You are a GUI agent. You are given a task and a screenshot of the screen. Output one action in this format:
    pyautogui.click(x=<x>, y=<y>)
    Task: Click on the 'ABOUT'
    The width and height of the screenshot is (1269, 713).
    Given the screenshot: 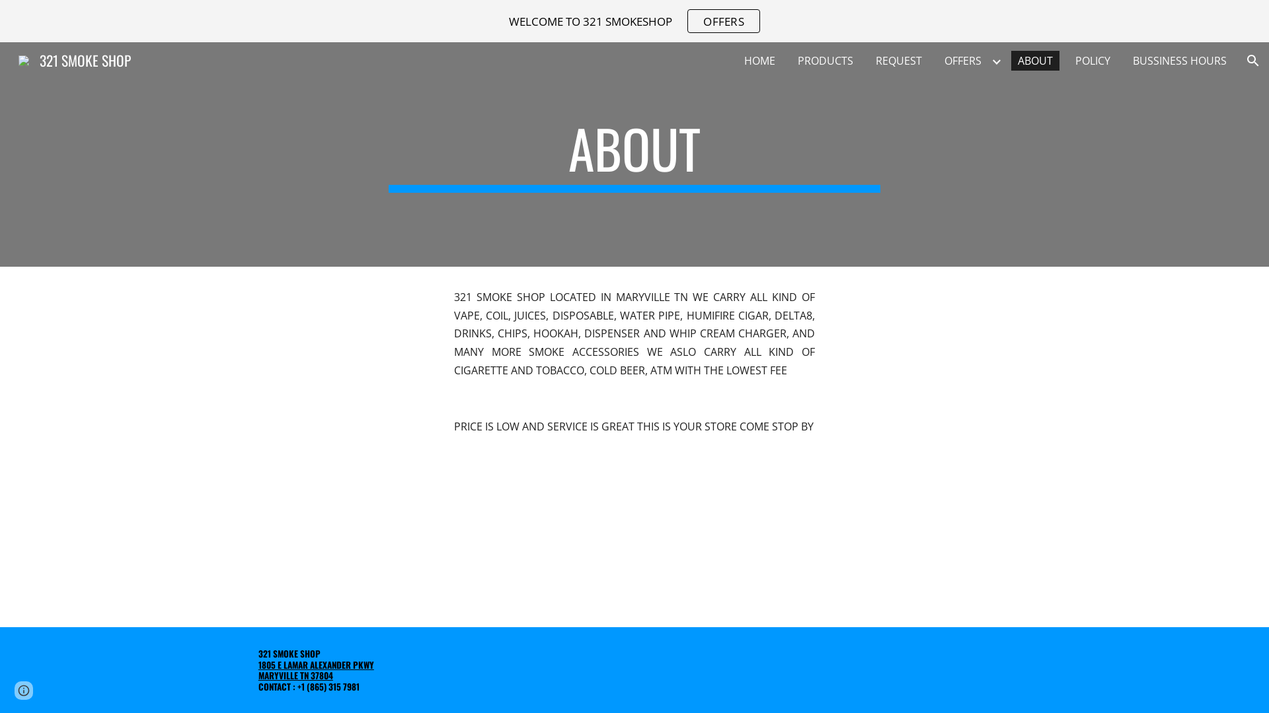 What is the action you would take?
    pyautogui.click(x=1034, y=61)
    